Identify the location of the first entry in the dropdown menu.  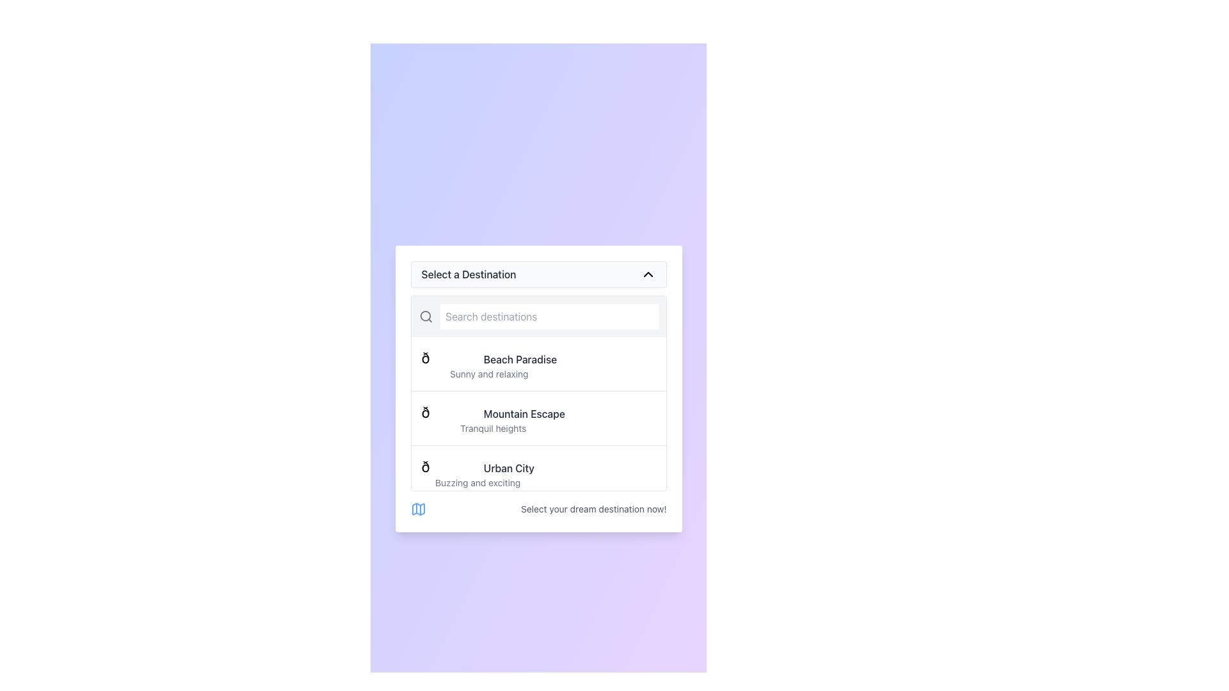
(488, 364).